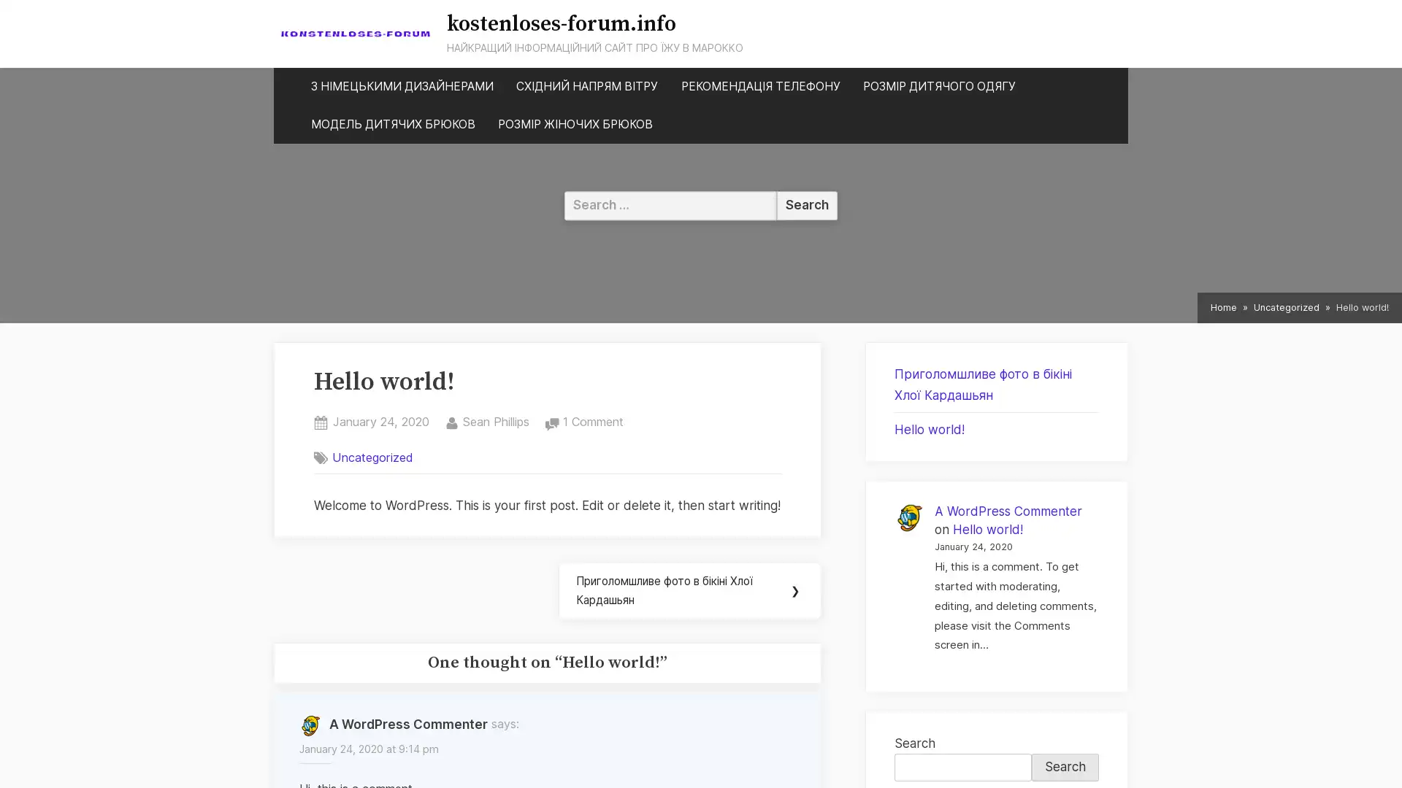 Image resolution: width=1402 pixels, height=788 pixels. What do you see at coordinates (1065, 766) in the screenshot?
I see `Search` at bounding box center [1065, 766].